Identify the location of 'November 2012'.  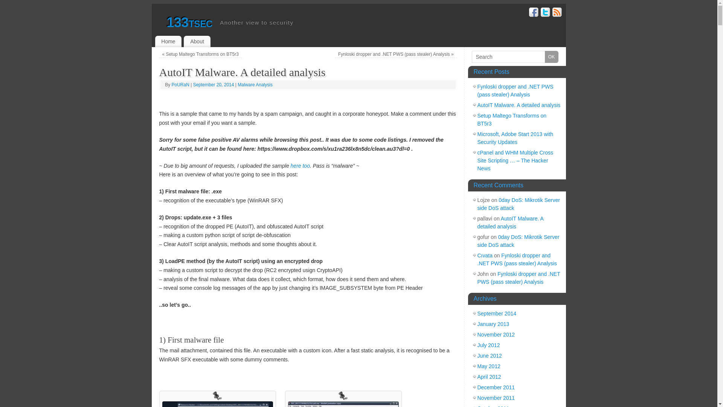
(477, 334).